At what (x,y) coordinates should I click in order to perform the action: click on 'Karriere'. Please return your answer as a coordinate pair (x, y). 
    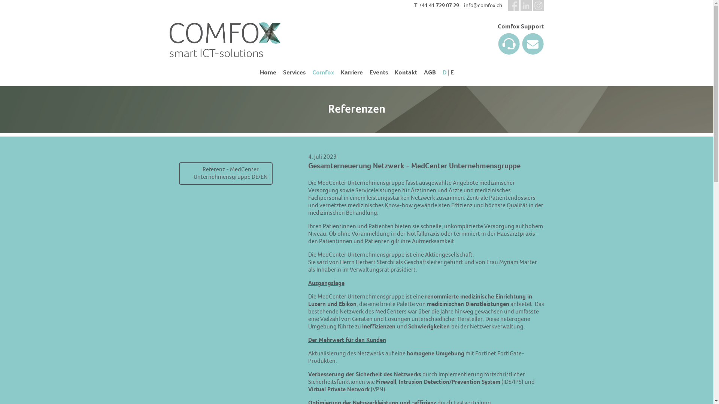
    Looking at the image, I should click on (351, 73).